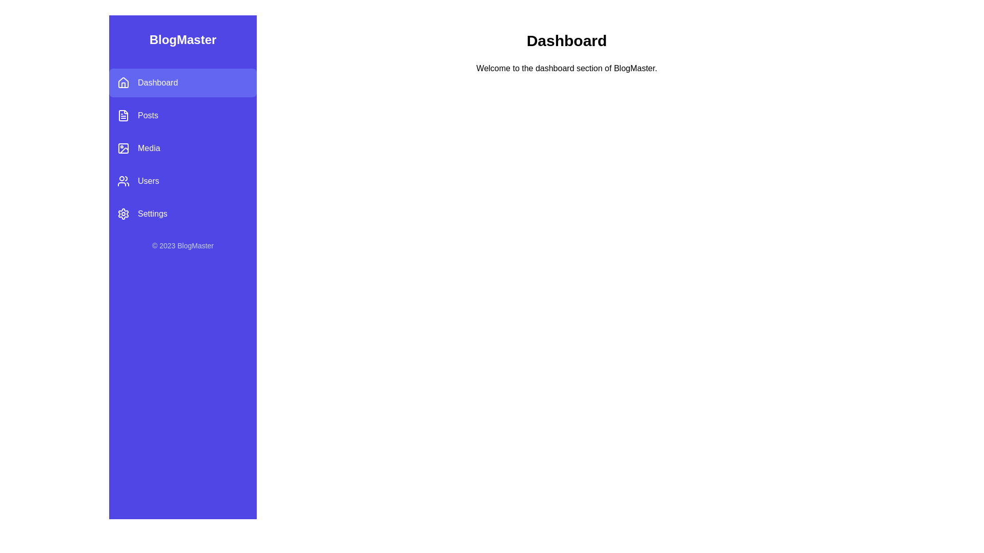  Describe the element at coordinates (182, 245) in the screenshot. I see `the static text element at the bottom of the vertical sidebar, which serves as a copyright notice for the application` at that location.